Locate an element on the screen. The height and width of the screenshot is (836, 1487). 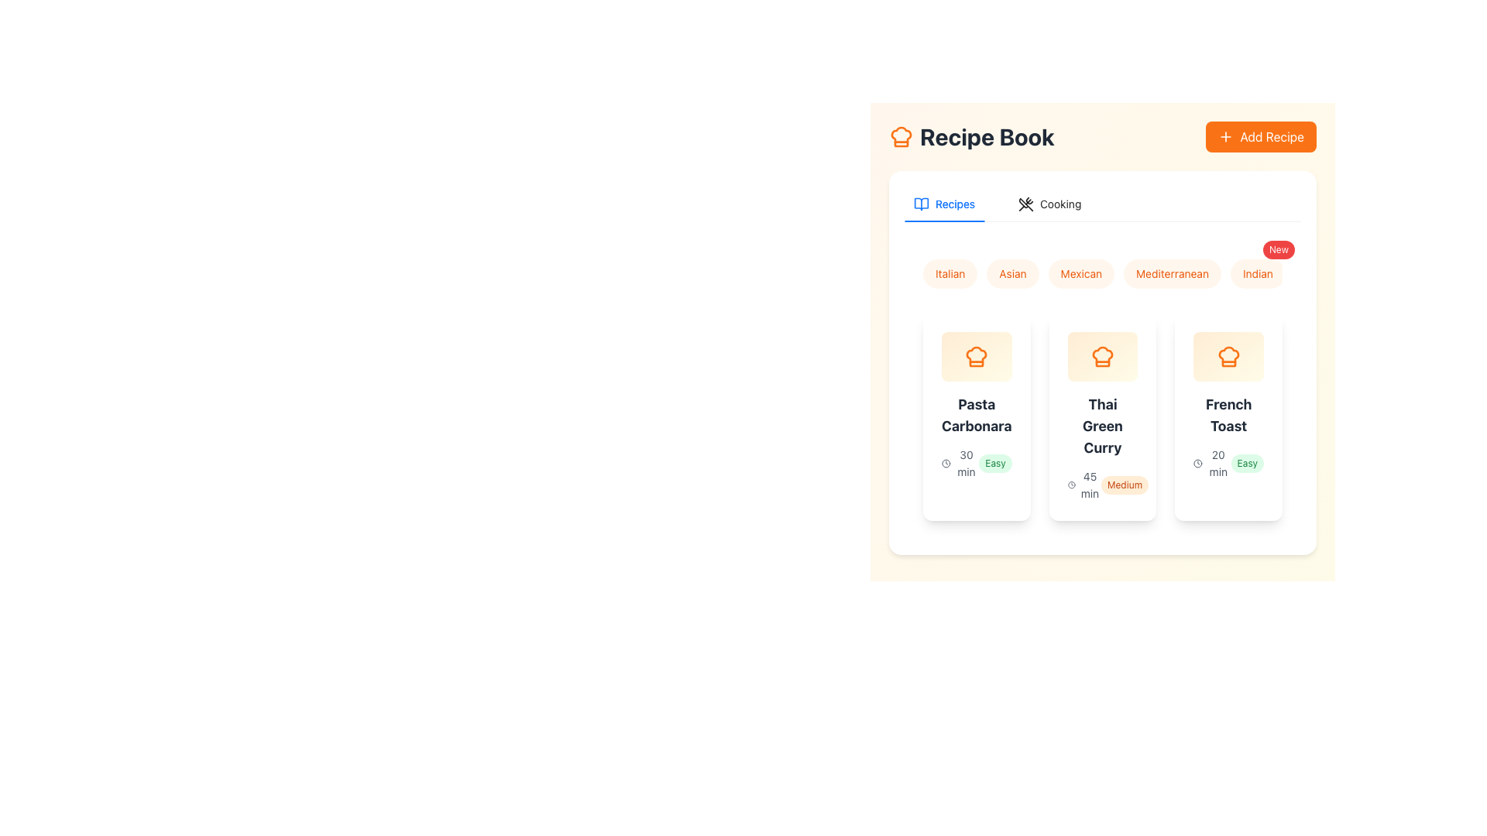
the active 'Recipes' tab with blue text and an underline, located in the tab navigation bar under the 'Recipe Book' heading is located at coordinates (943, 203).